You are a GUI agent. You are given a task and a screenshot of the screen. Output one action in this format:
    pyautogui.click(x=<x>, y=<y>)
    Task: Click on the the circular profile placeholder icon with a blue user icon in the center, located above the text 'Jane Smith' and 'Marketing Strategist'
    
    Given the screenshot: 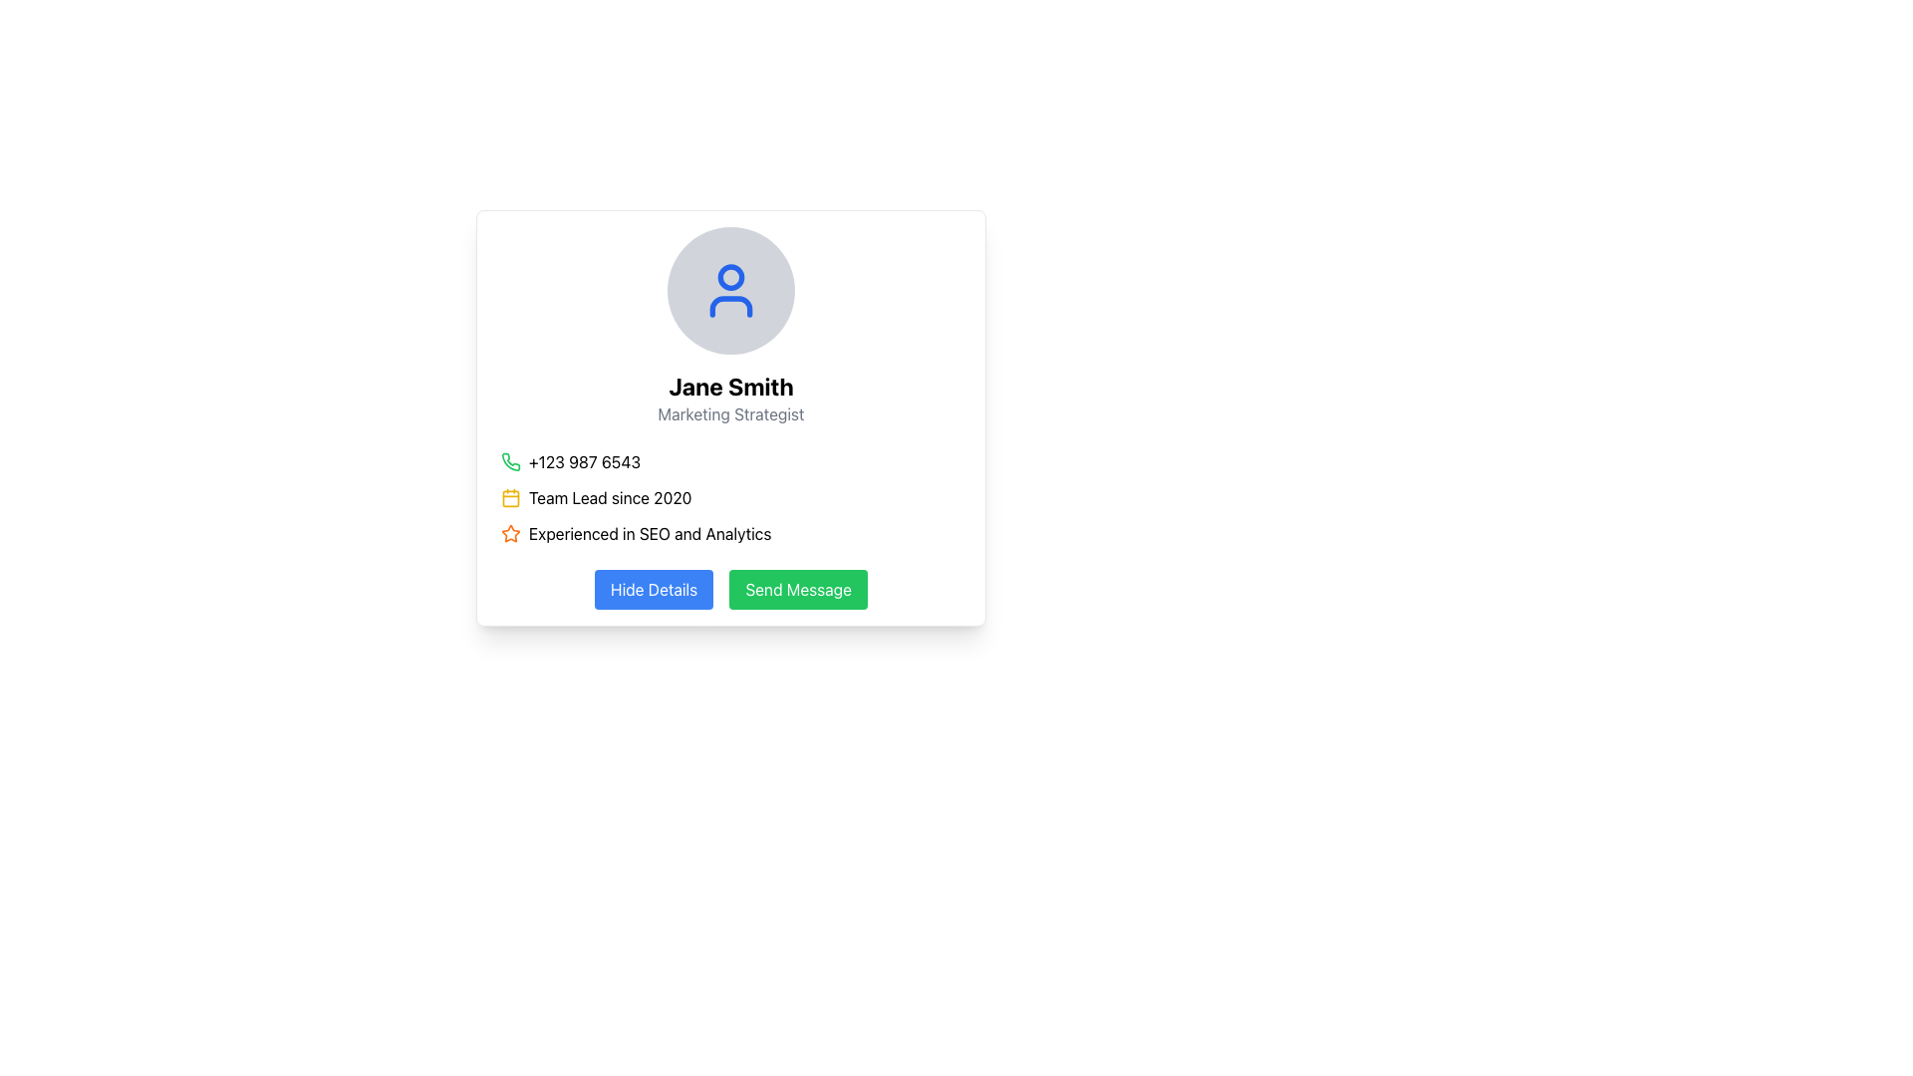 What is the action you would take?
    pyautogui.click(x=730, y=291)
    